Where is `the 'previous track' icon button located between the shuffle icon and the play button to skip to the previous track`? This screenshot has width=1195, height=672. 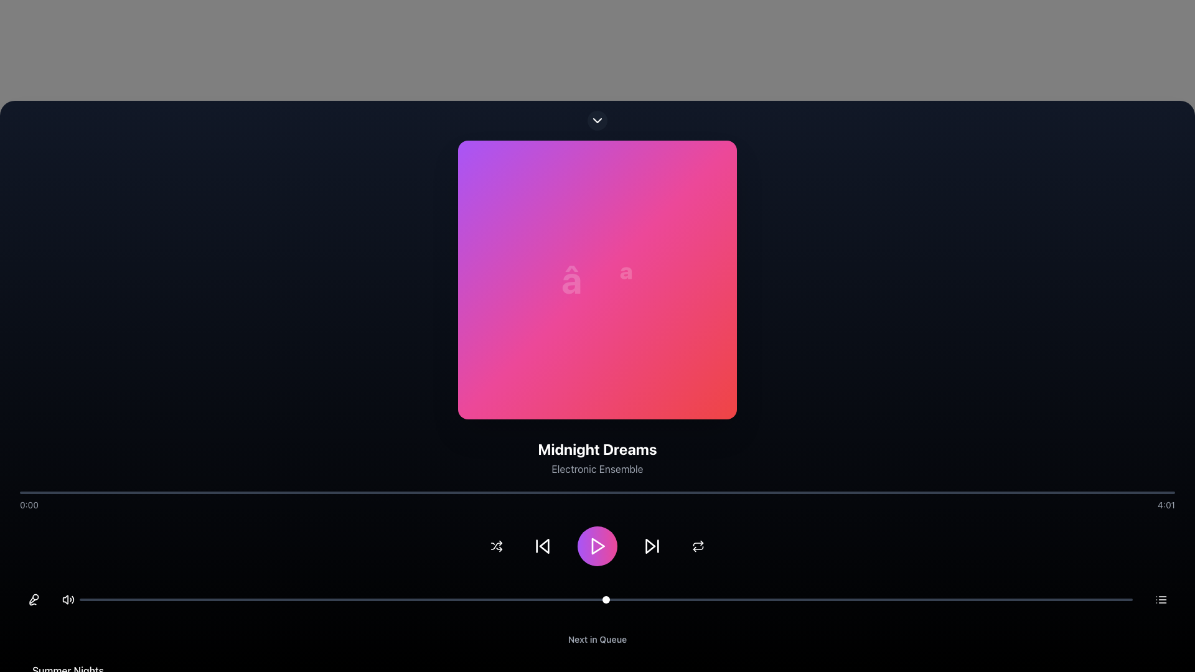 the 'previous track' icon button located between the shuffle icon and the play button to skip to the previous track is located at coordinates (543, 546).